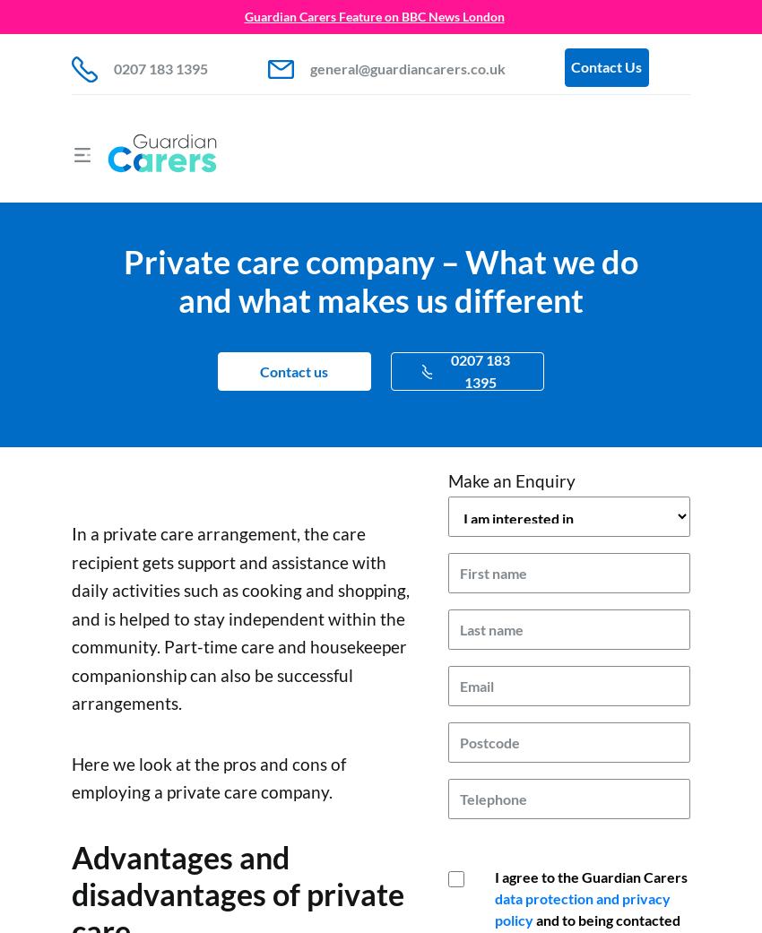 The width and height of the screenshot is (762, 933). Describe the element at coordinates (407, 67) in the screenshot. I see `'general@guardiancarers.co.uk'` at that location.